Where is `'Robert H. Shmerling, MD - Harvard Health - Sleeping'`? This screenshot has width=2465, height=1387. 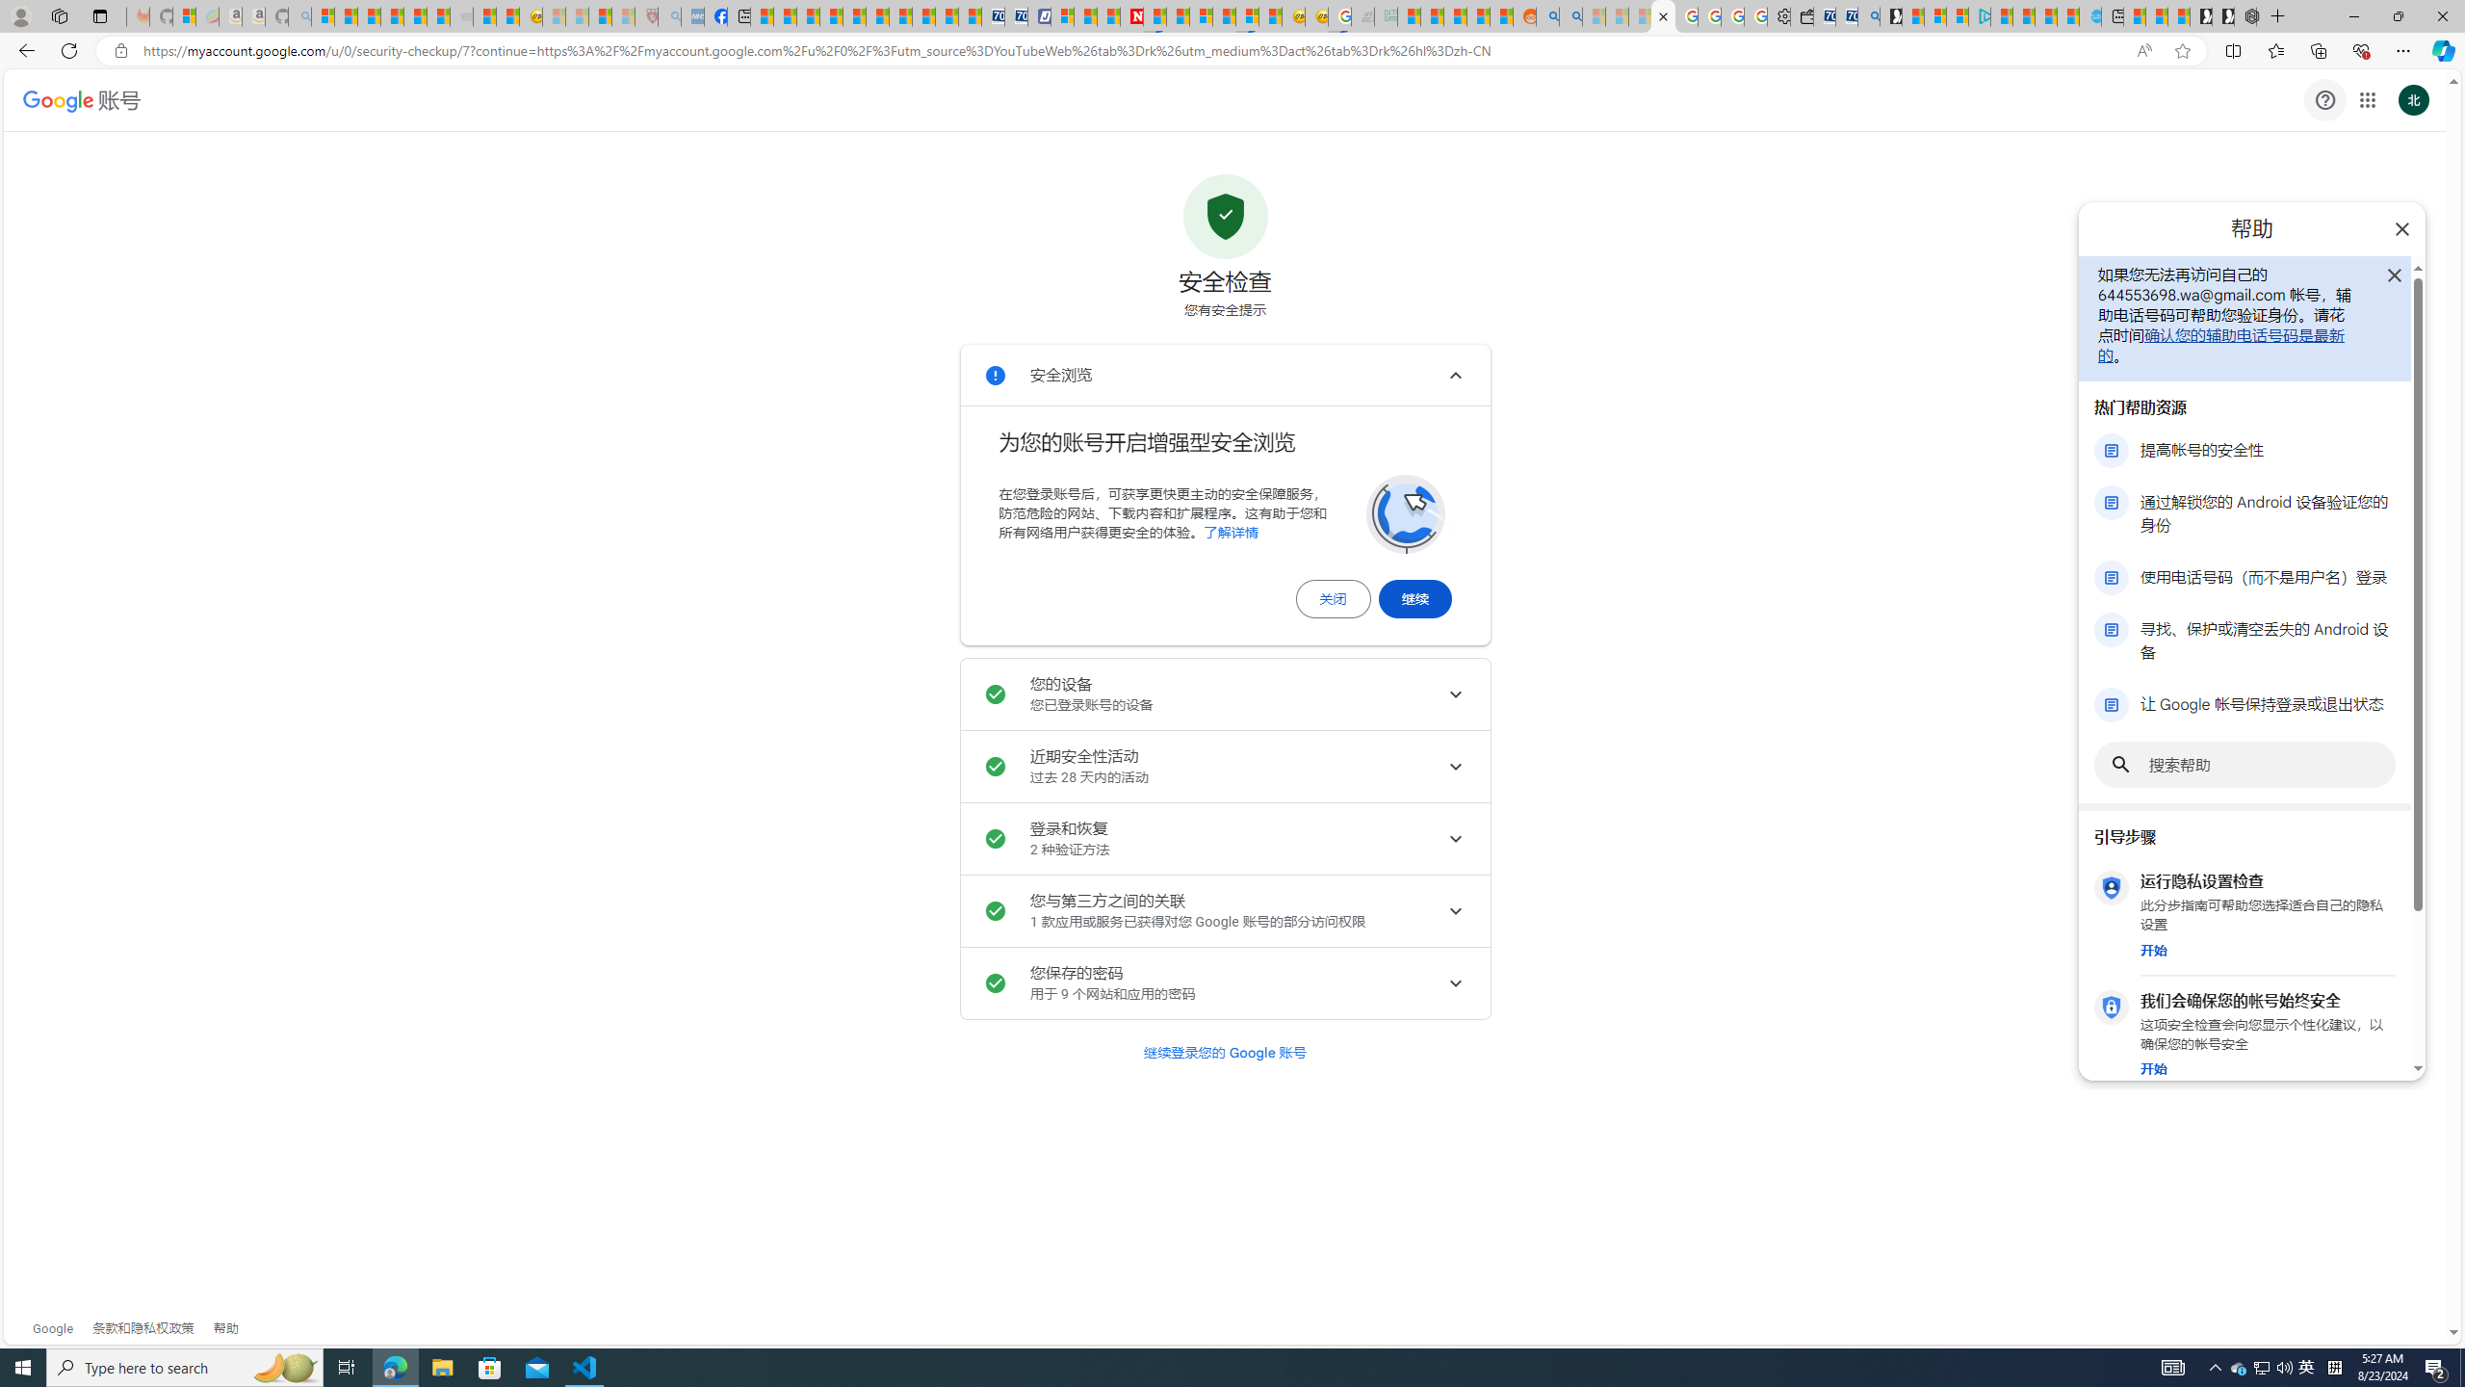 'Robert H. Shmerling, MD - Harvard Health - Sleeping' is located at coordinates (644, 15).